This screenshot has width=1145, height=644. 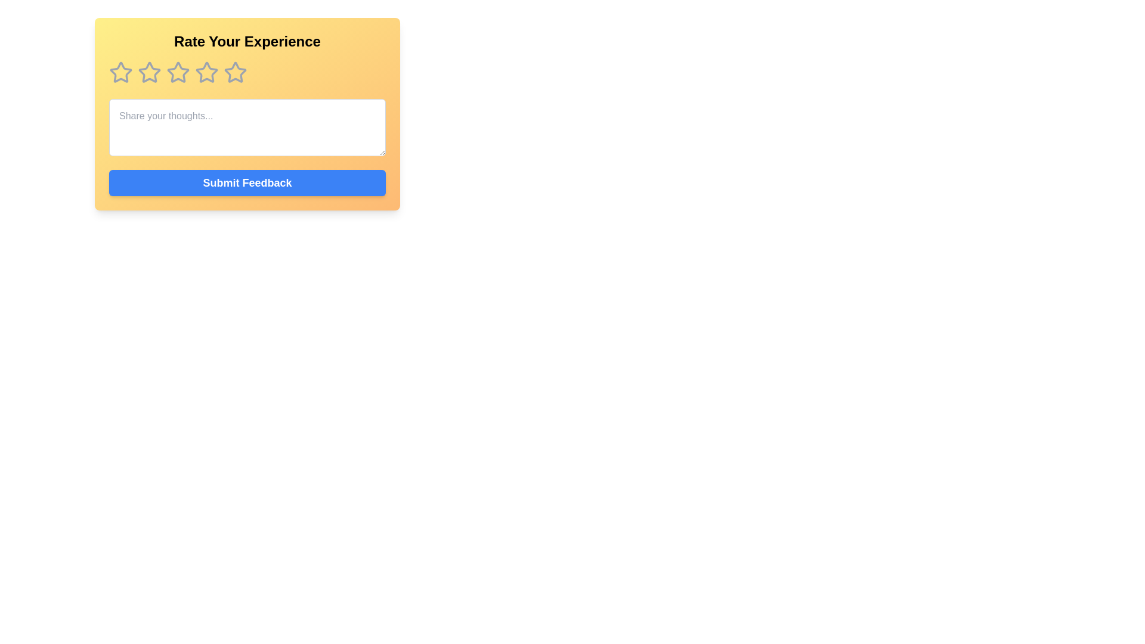 I want to click on the feedback submission button located at the bottom of the central section of the interface, so click(x=246, y=183).